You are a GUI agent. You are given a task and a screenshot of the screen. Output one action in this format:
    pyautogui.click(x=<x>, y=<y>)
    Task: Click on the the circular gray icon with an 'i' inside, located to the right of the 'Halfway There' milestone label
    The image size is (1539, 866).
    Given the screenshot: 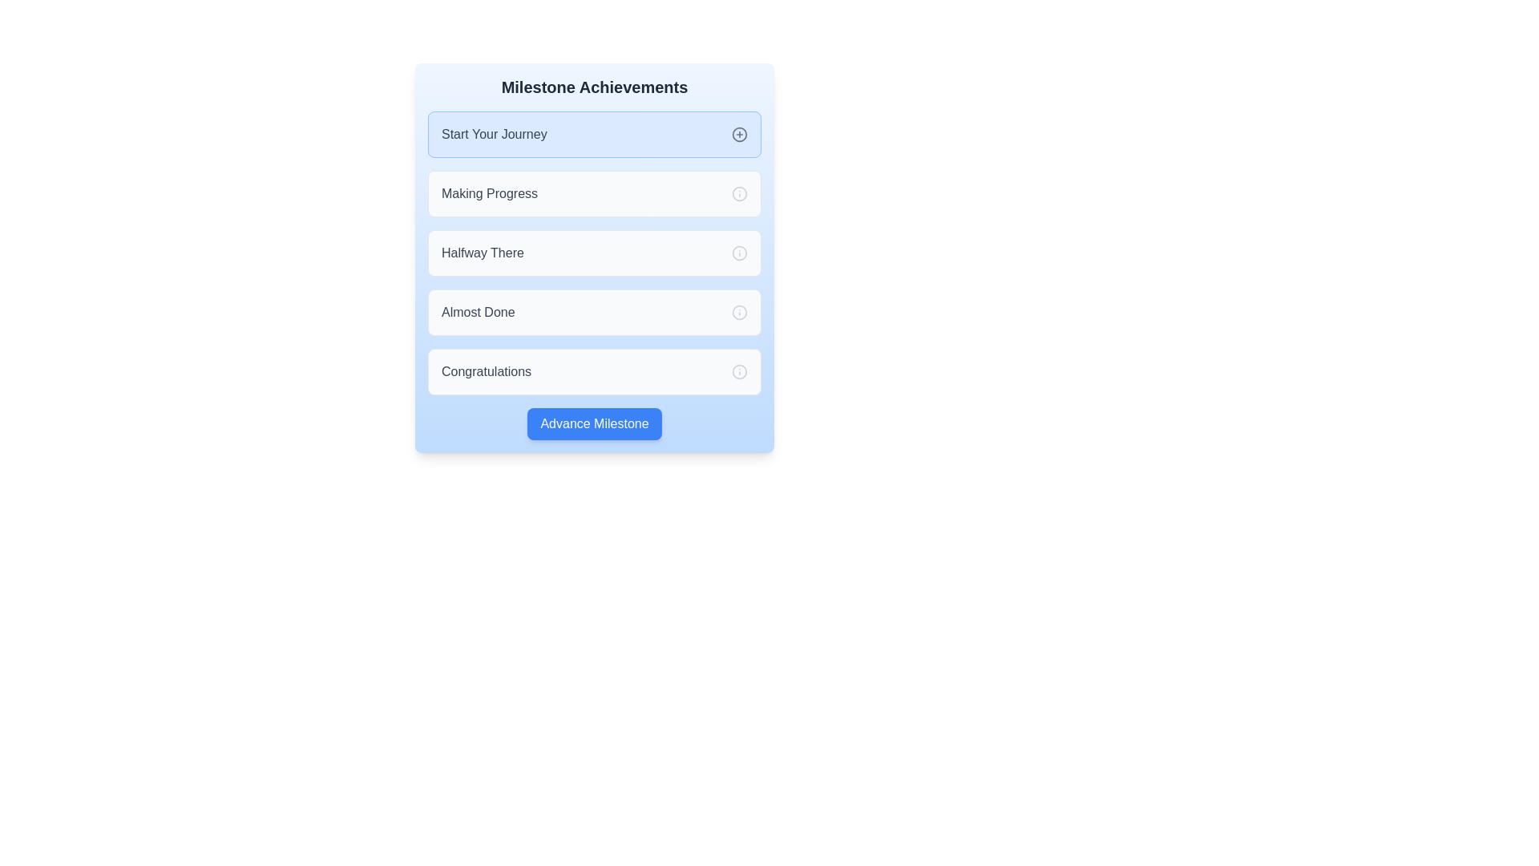 What is the action you would take?
    pyautogui.click(x=738, y=253)
    